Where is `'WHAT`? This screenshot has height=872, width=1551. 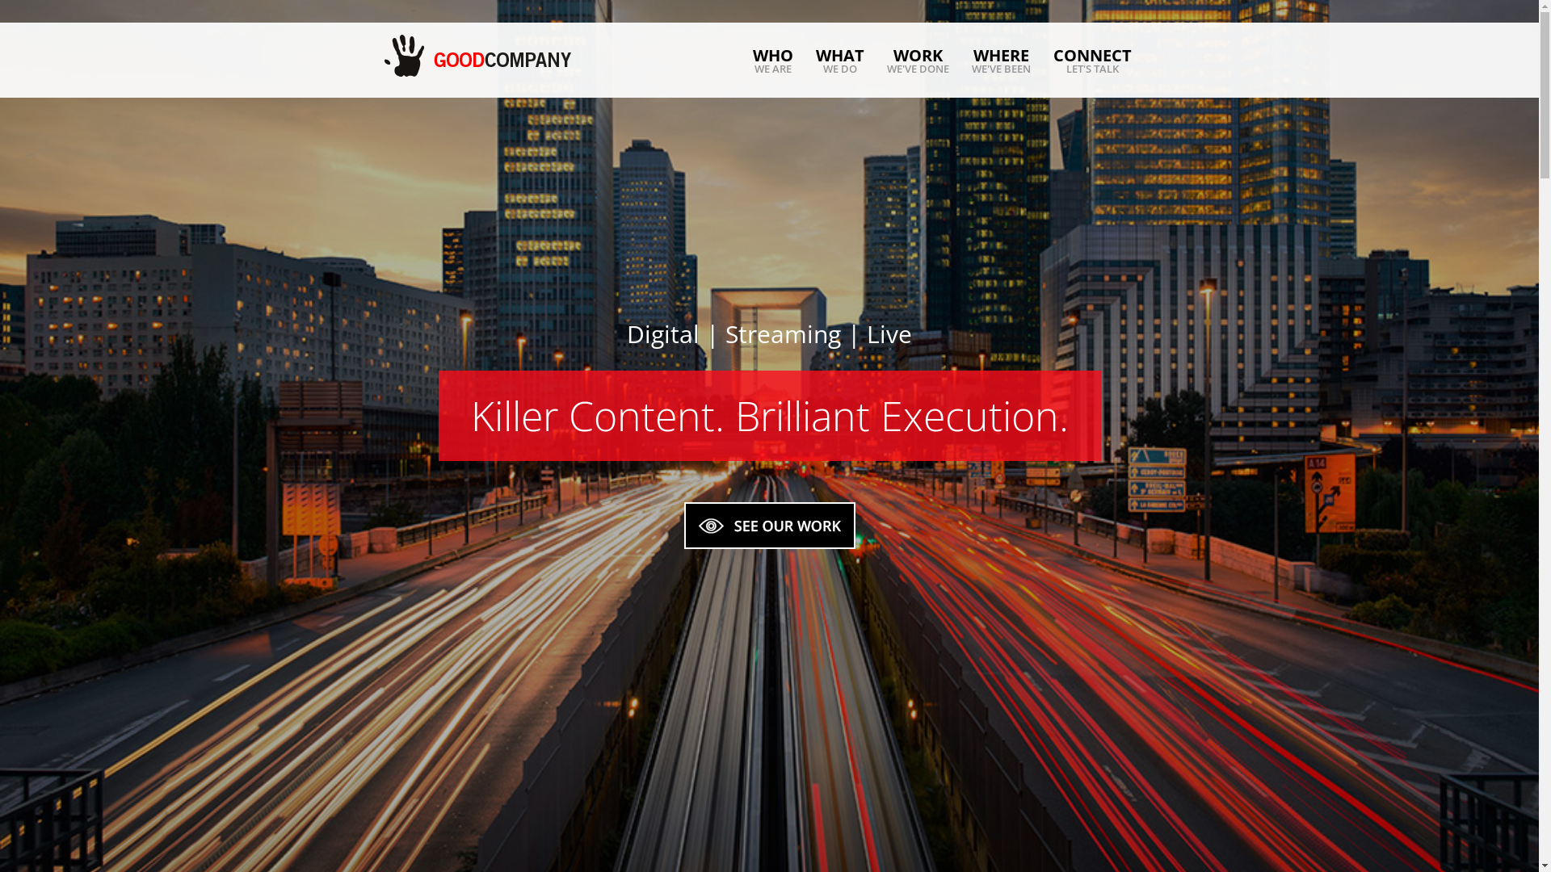
'WHAT is located at coordinates (840, 60).